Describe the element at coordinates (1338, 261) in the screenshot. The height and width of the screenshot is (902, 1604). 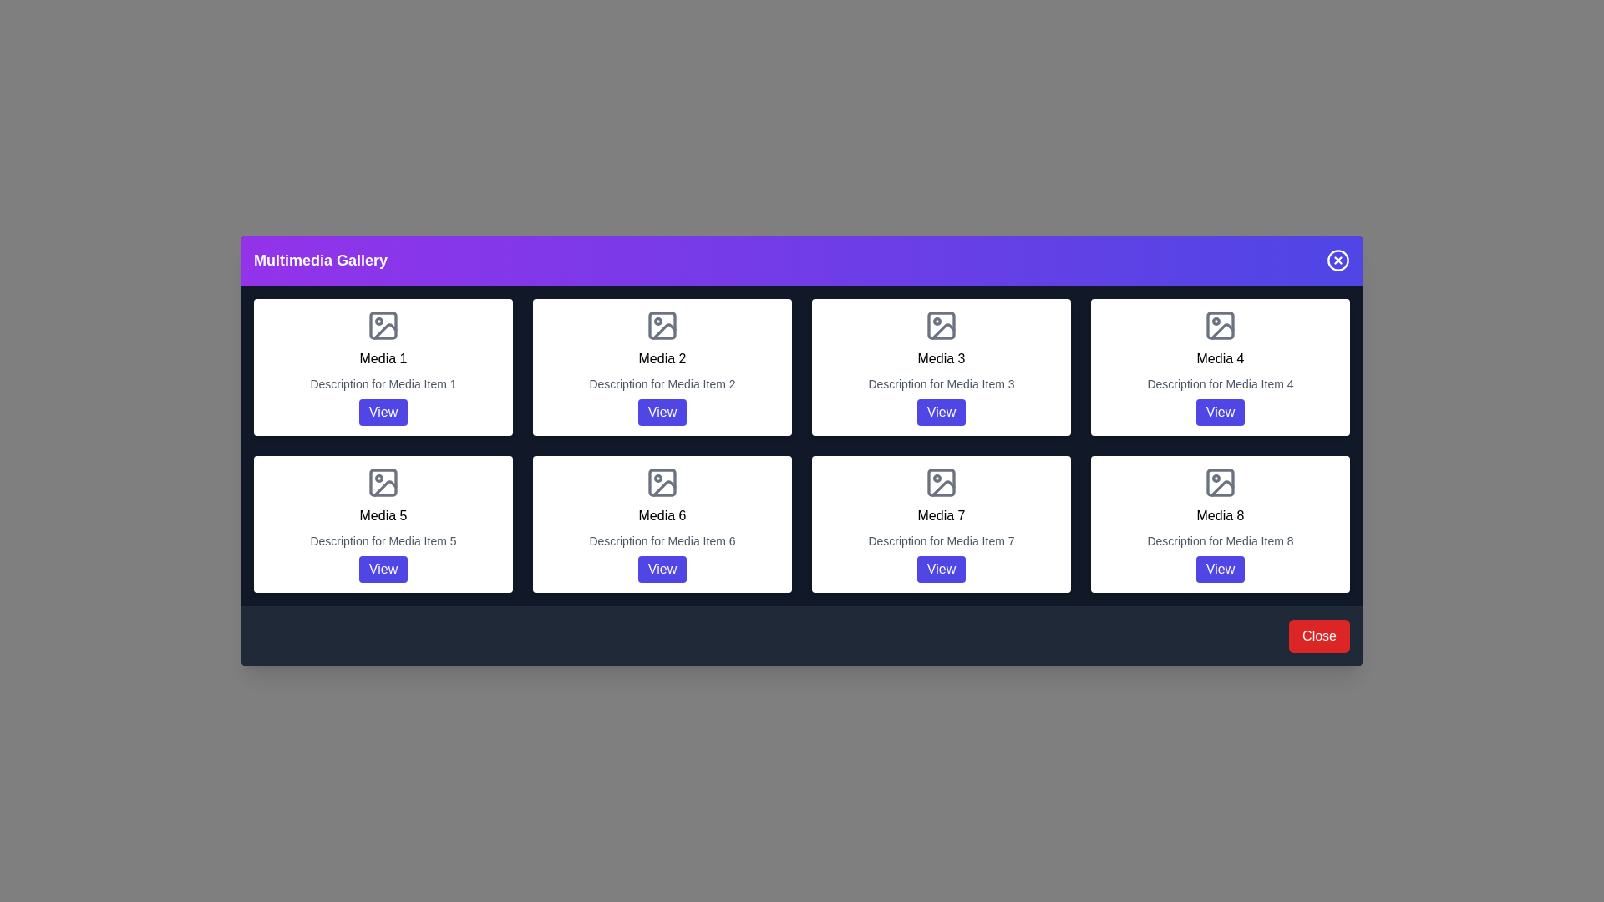
I see `the close button in the top-right corner of the dialog` at that location.